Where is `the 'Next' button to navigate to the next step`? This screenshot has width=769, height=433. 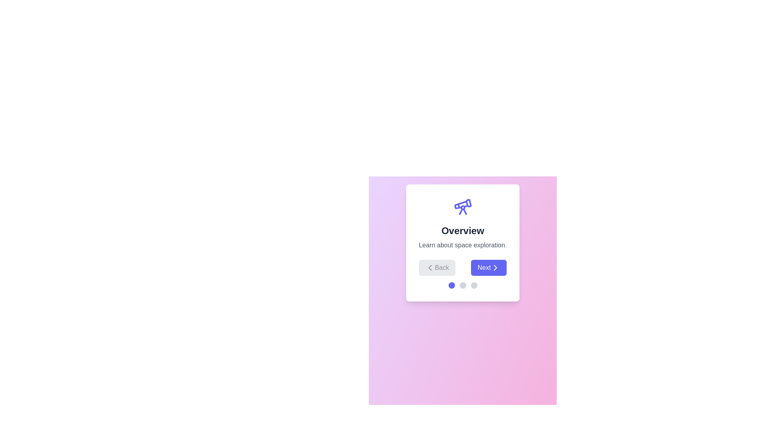
the 'Next' button to navigate to the next step is located at coordinates (488, 267).